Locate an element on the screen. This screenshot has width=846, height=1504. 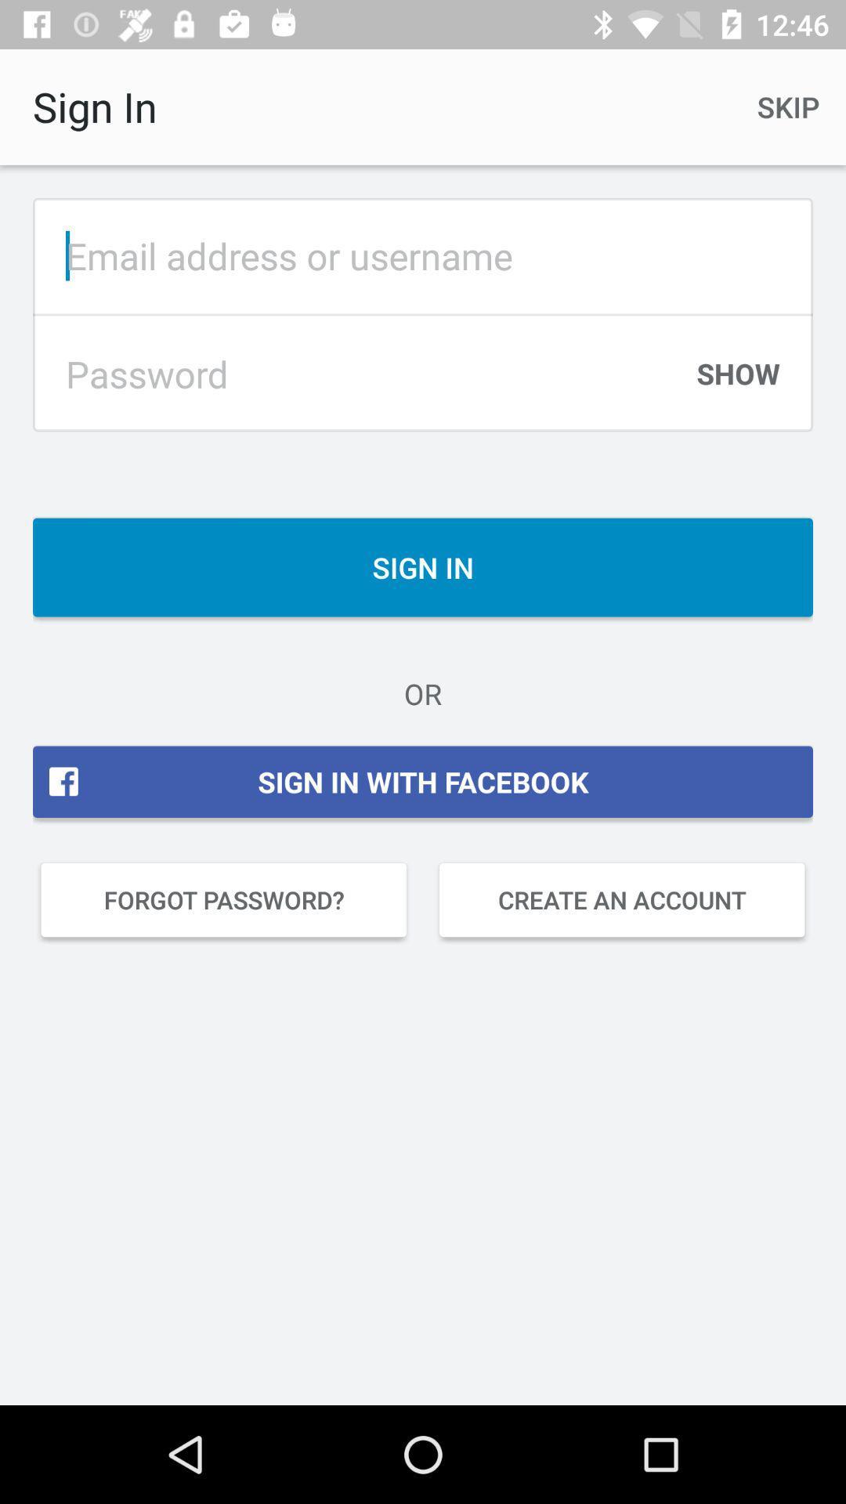
icon to the left of the create an account icon is located at coordinates (223, 899).